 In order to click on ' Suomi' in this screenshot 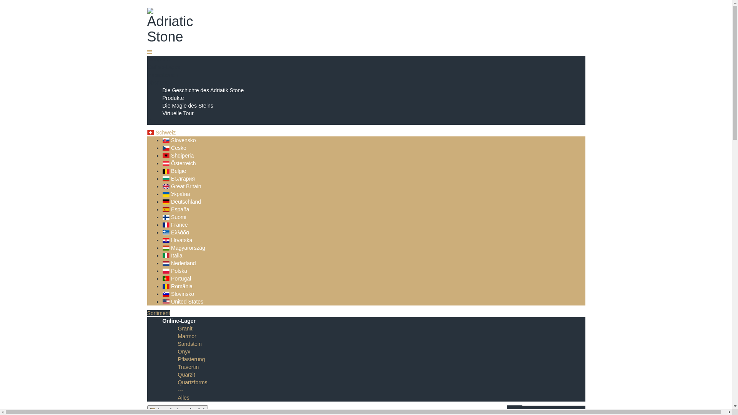, I will do `click(173, 217)`.